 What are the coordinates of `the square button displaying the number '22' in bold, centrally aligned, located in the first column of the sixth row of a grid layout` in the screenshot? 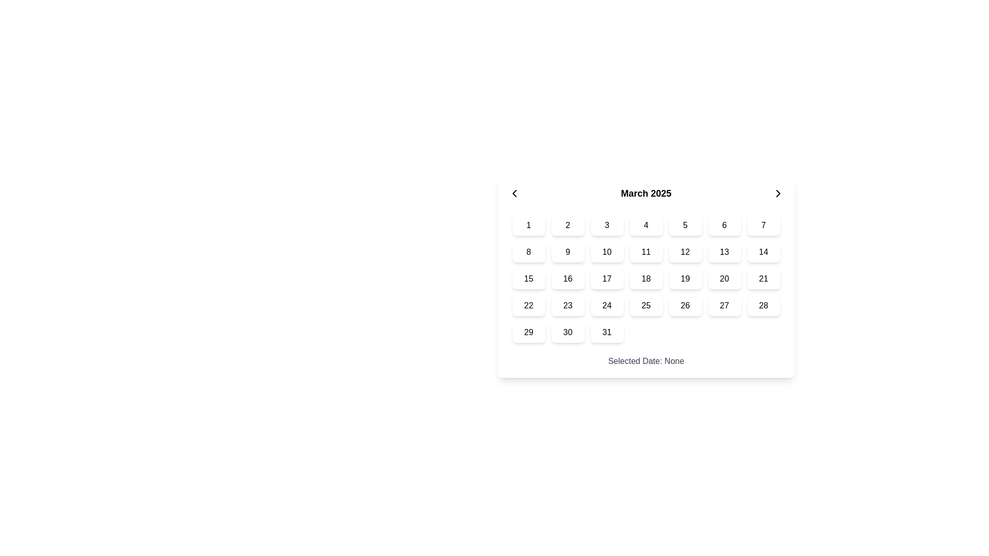 It's located at (528, 305).